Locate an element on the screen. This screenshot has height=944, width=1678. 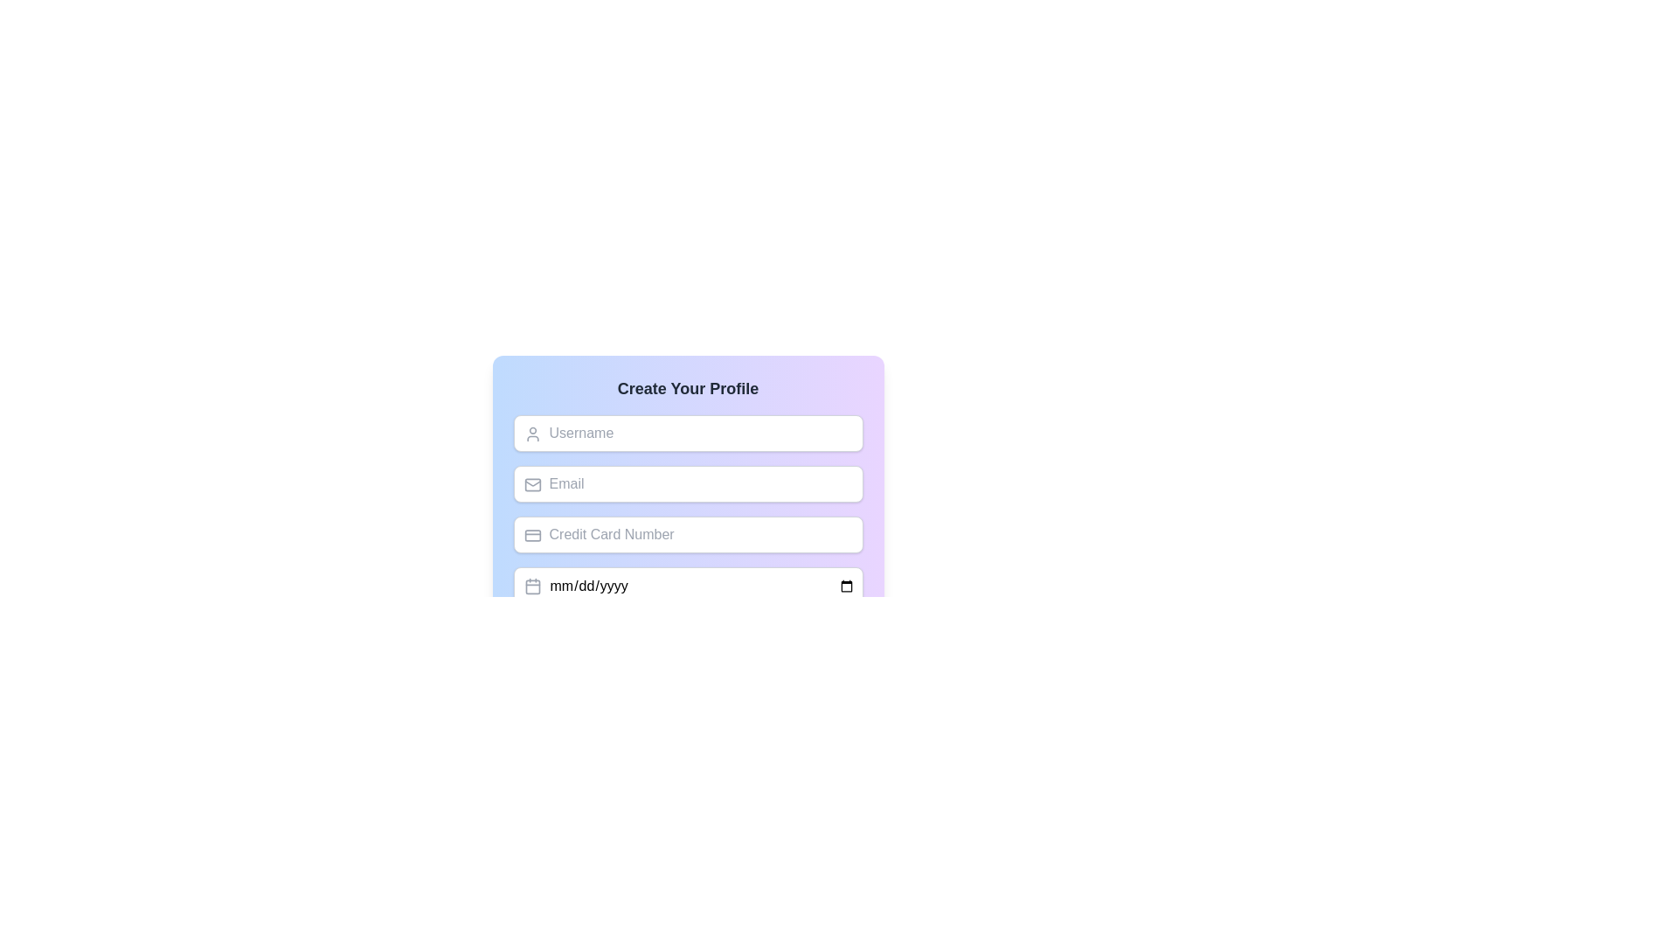
the user profile icon, which is a gray circular icon representing a person, located next to the 'Username' text input field is located at coordinates (531, 434).